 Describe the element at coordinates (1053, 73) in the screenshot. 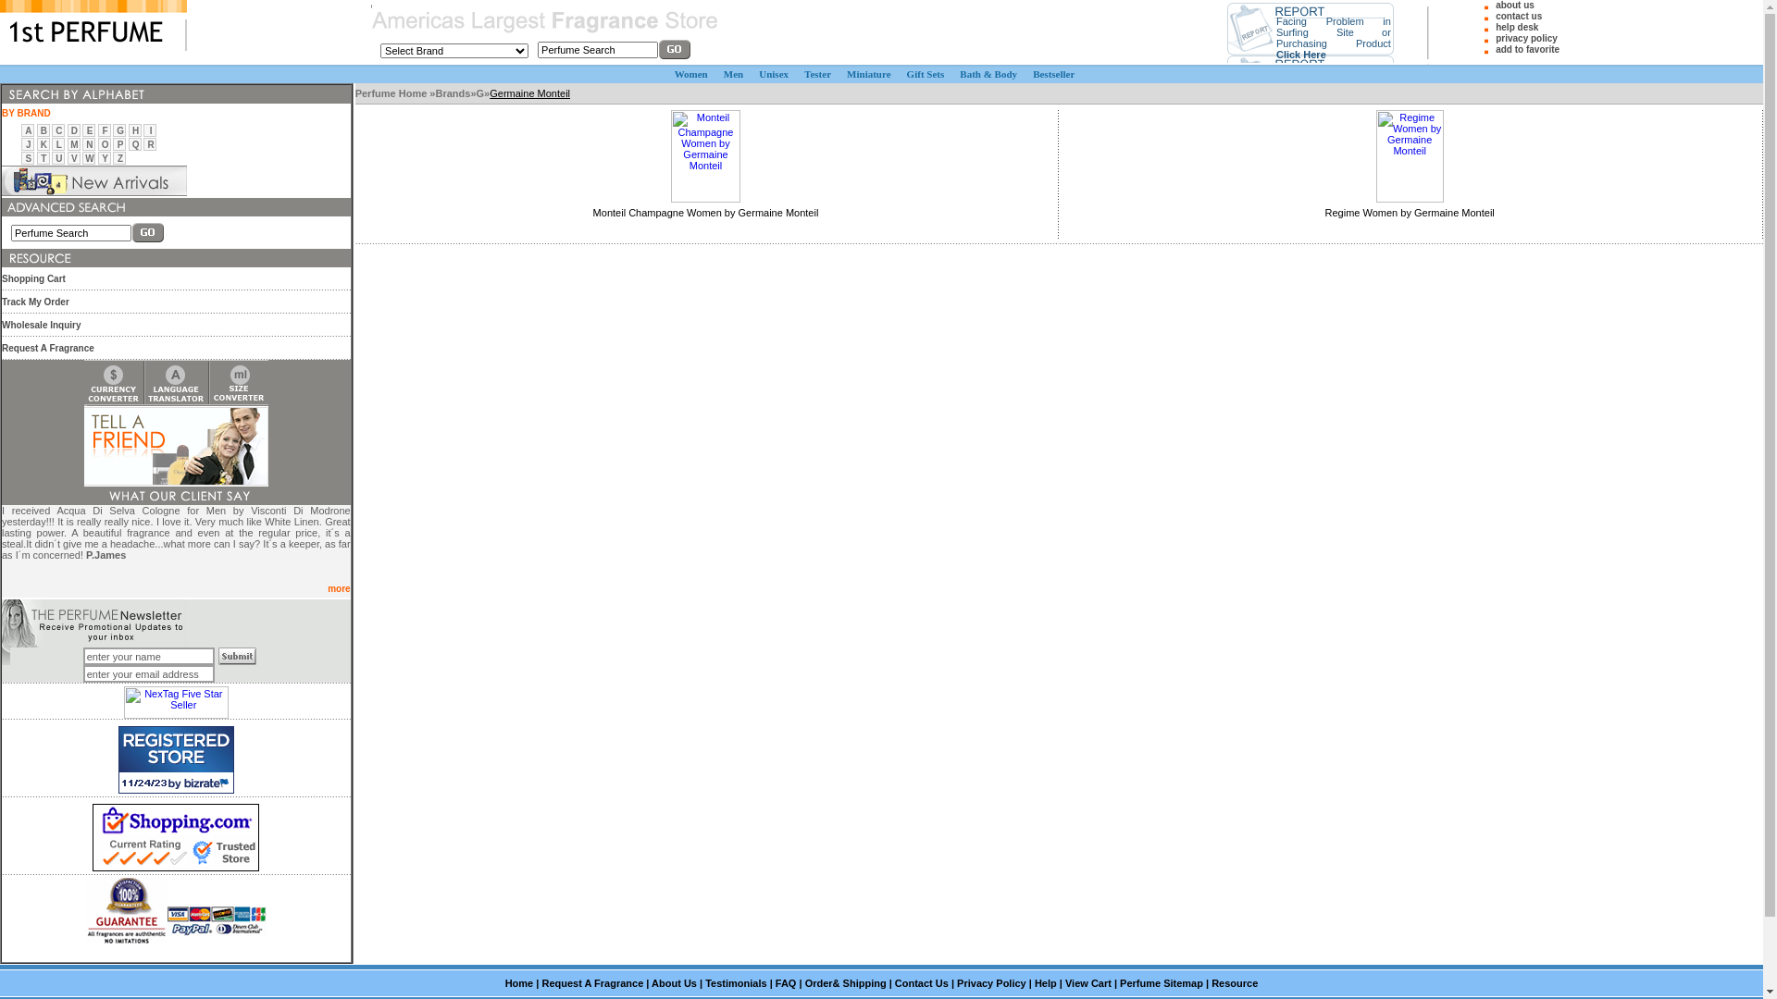

I see `'Bestseller'` at that location.